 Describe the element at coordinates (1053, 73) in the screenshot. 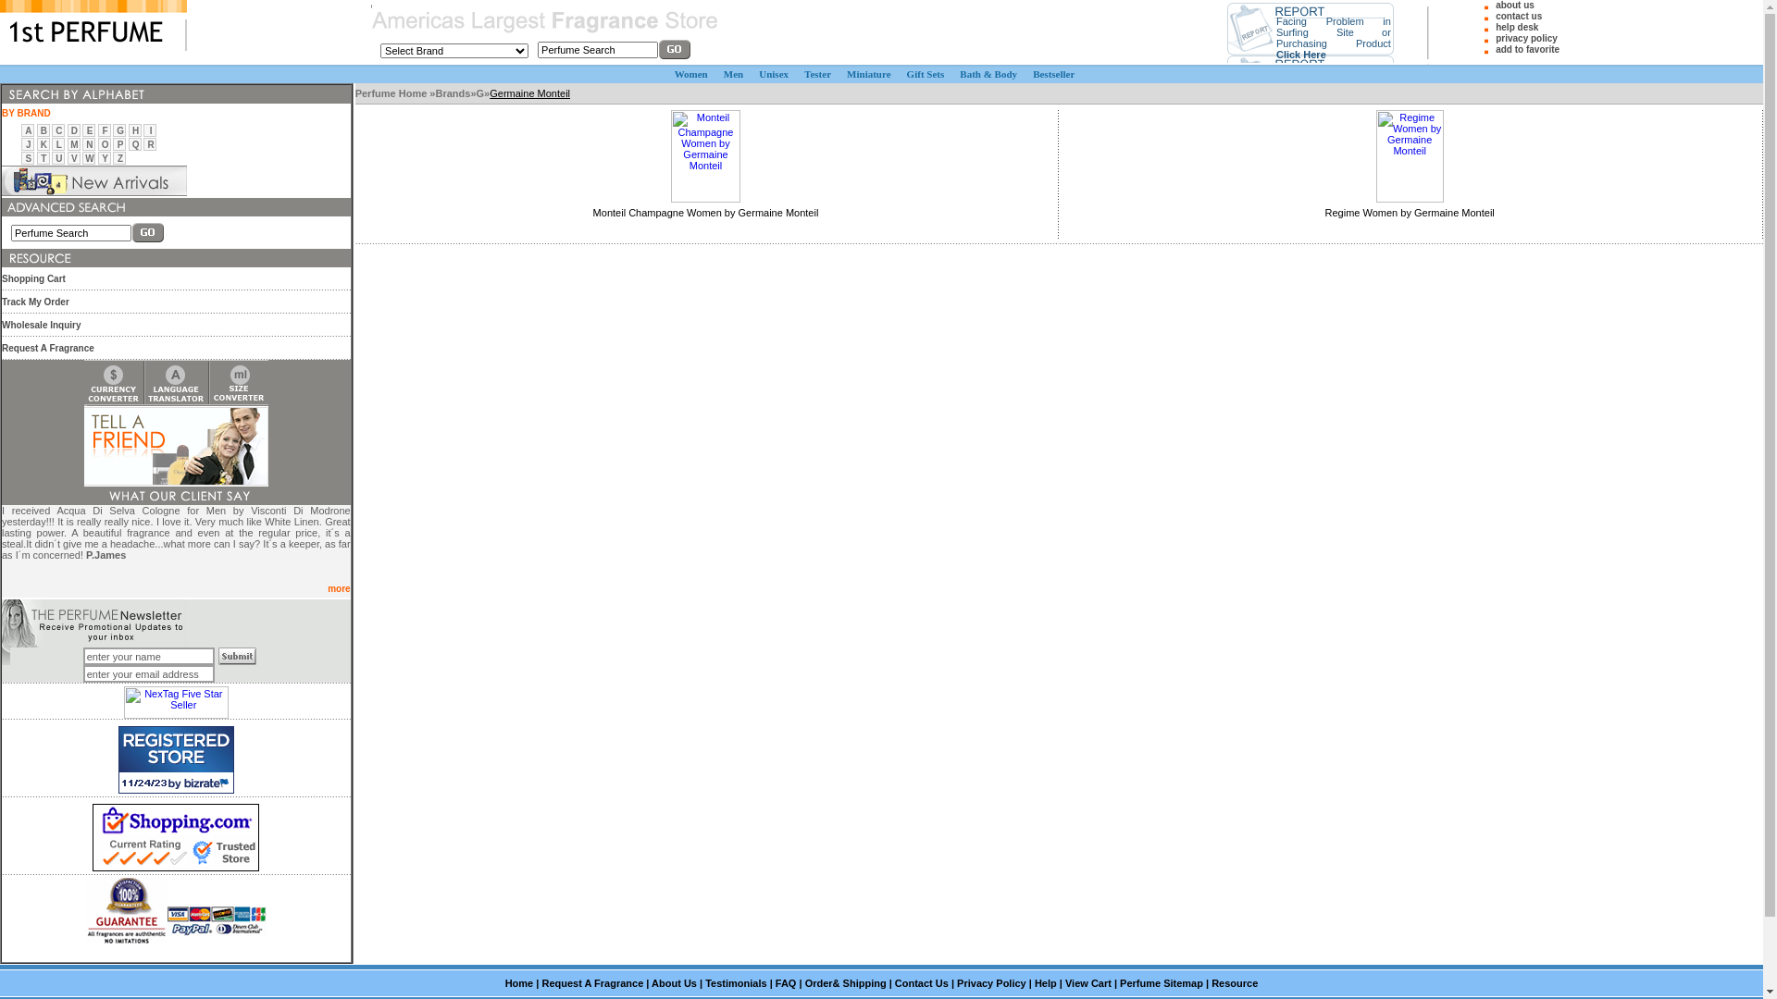

I see `'Bestseller'` at that location.